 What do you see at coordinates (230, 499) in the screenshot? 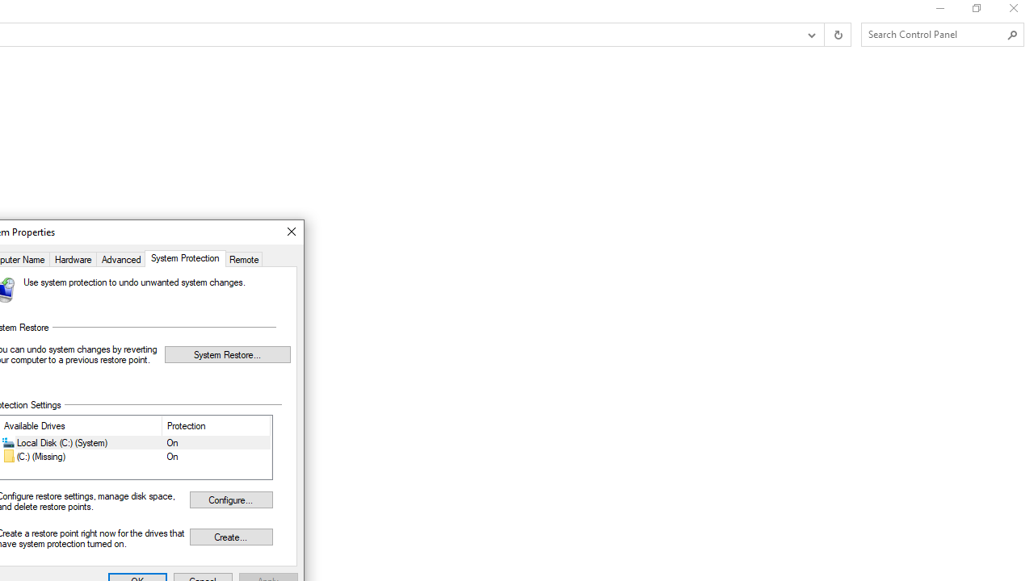
I see `'Configure...'` at bounding box center [230, 499].